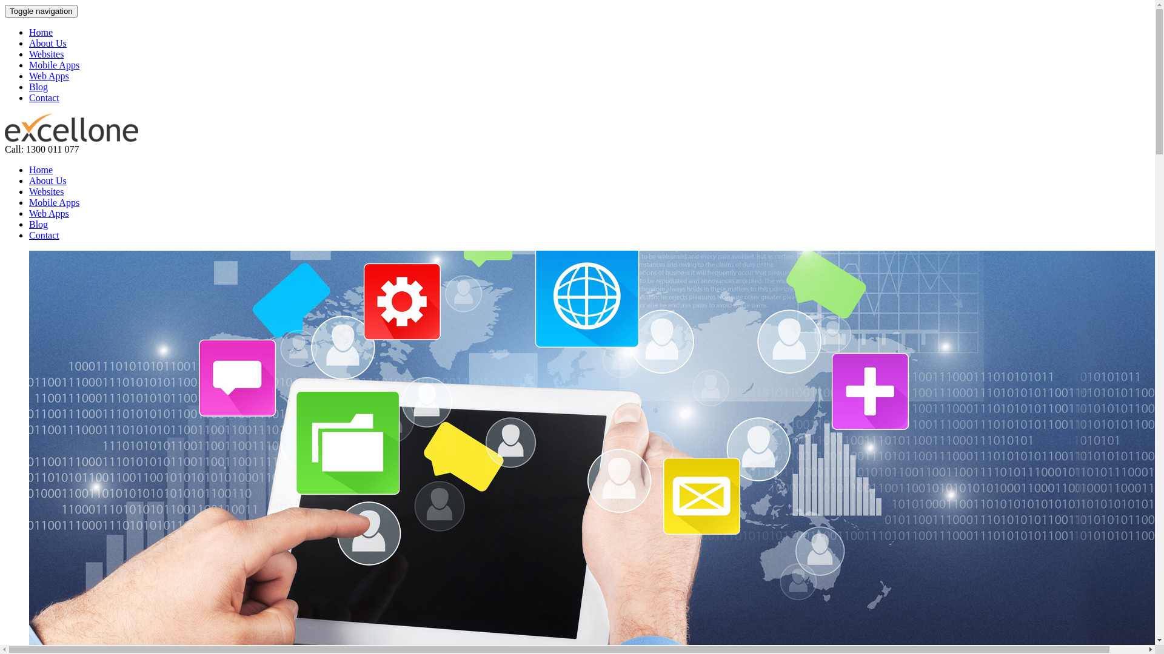  I want to click on 'Blog', so click(38, 224).